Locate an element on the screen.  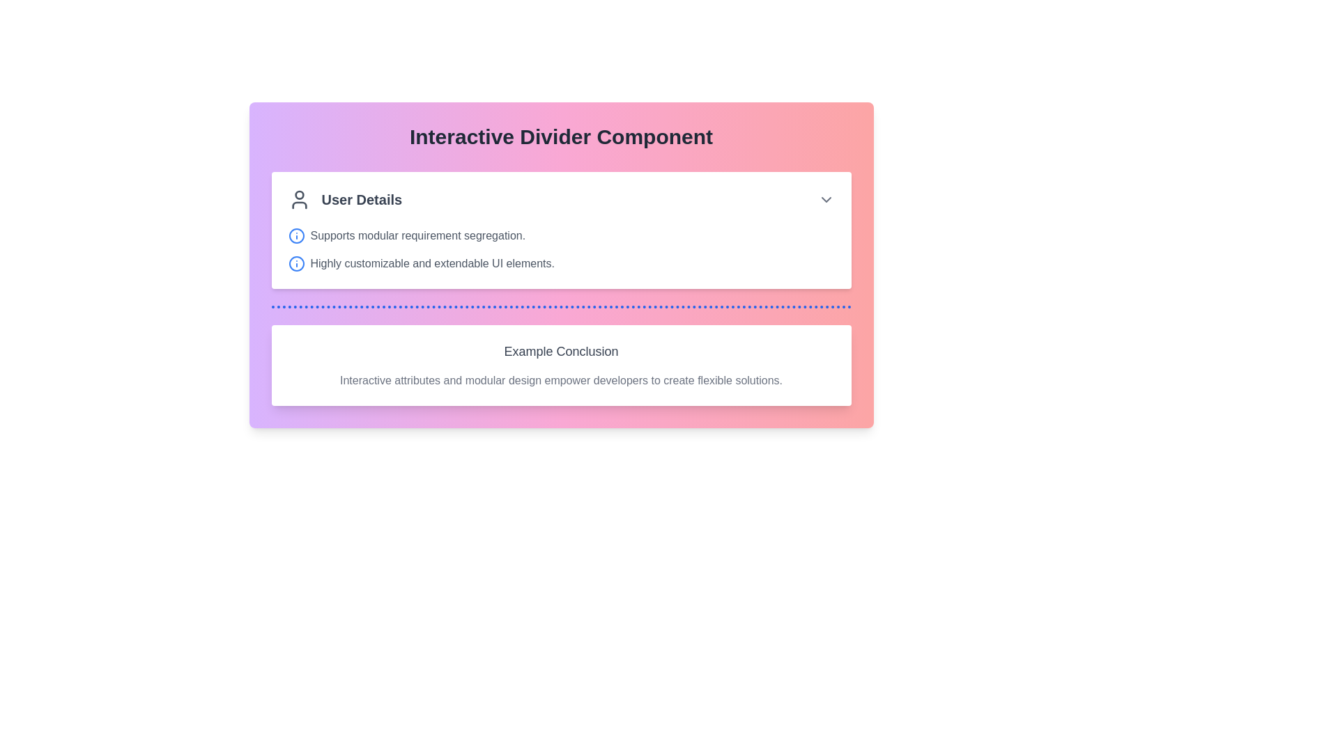
the round blue outlined icon with a central vertical line and a small dot above, located to the left of the text 'Supports modular requirement segregation.' in the 'User Details' section is located at coordinates (295, 235).